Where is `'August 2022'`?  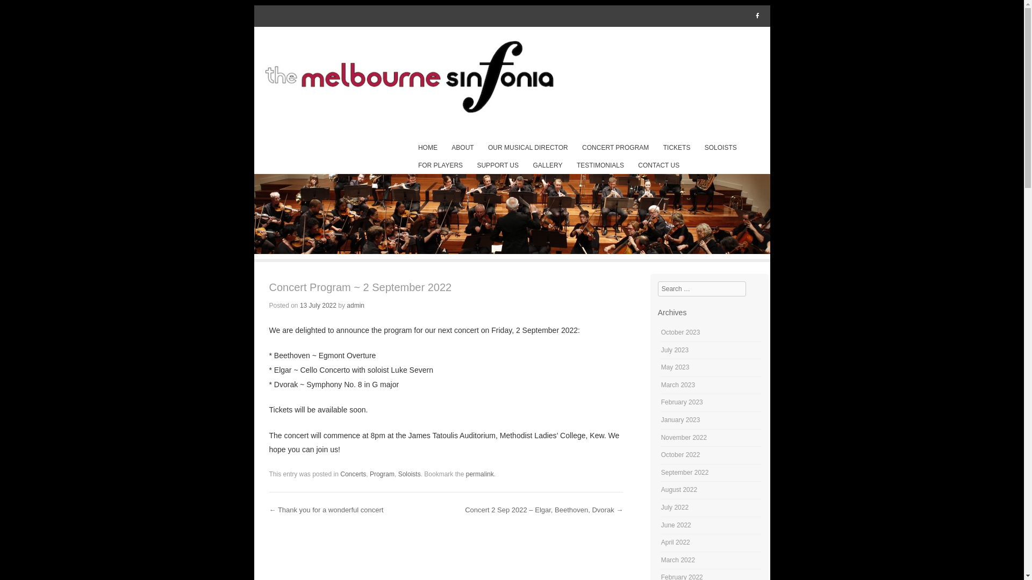 'August 2022' is located at coordinates (678, 489).